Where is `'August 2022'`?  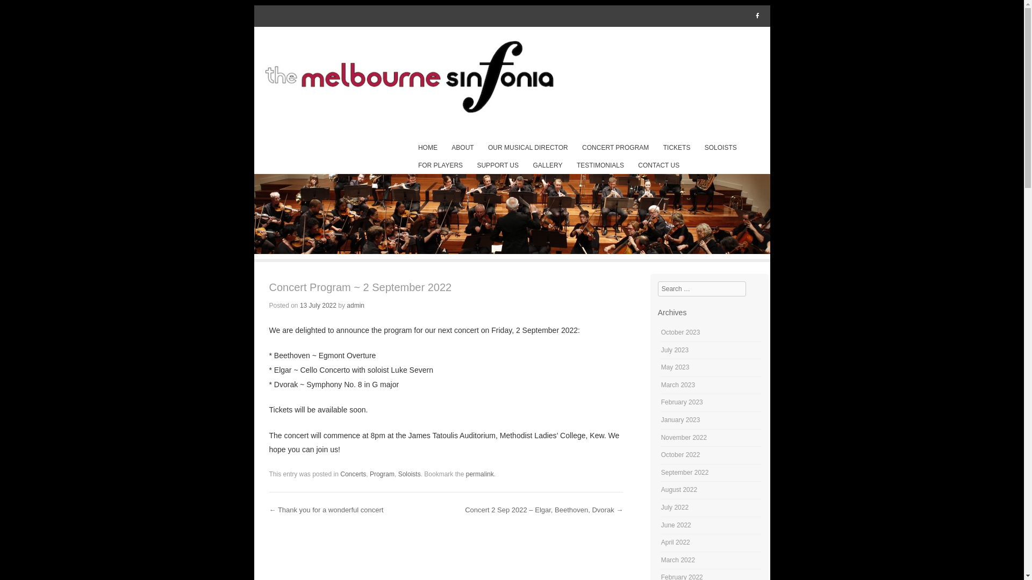 'August 2022' is located at coordinates (678, 489).